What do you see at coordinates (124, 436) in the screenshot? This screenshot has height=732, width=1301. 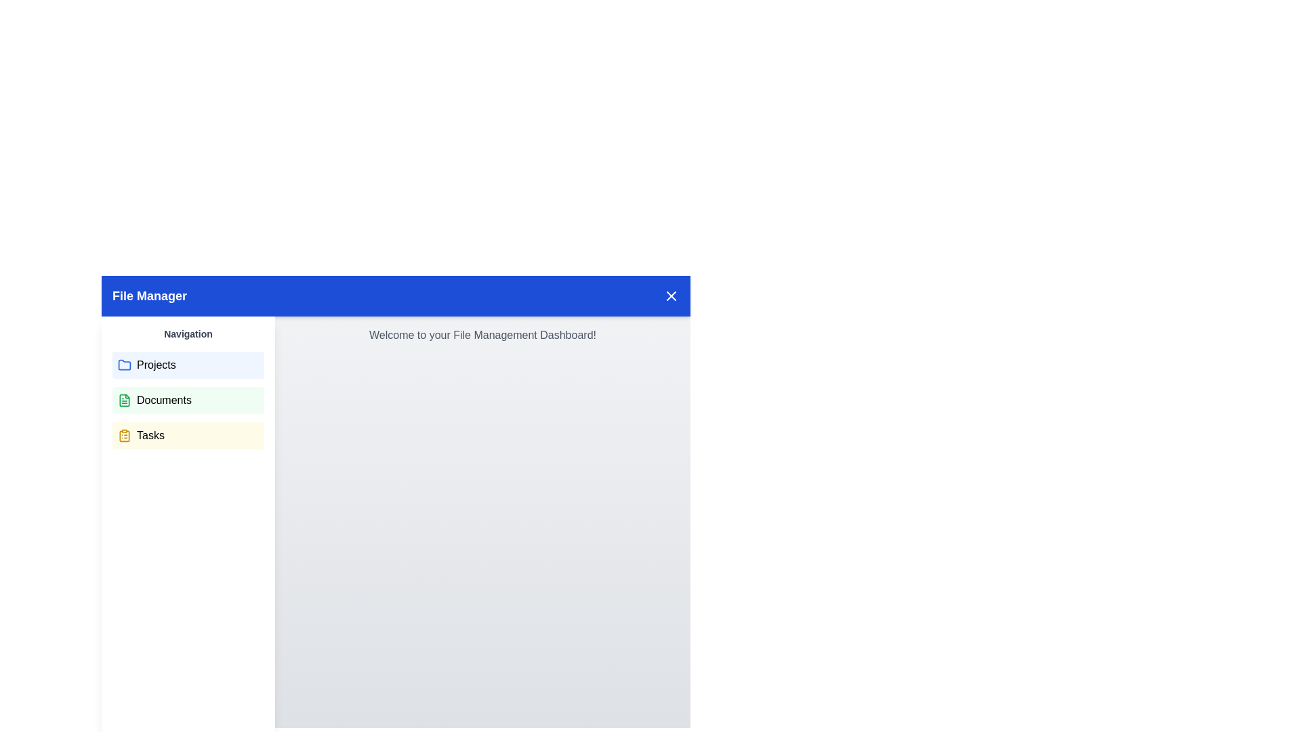 I see `the clipboard icon with a yellow tint located to the immediate left of the 'Tasks' text in the navigation sidebar` at bounding box center [124, 436].